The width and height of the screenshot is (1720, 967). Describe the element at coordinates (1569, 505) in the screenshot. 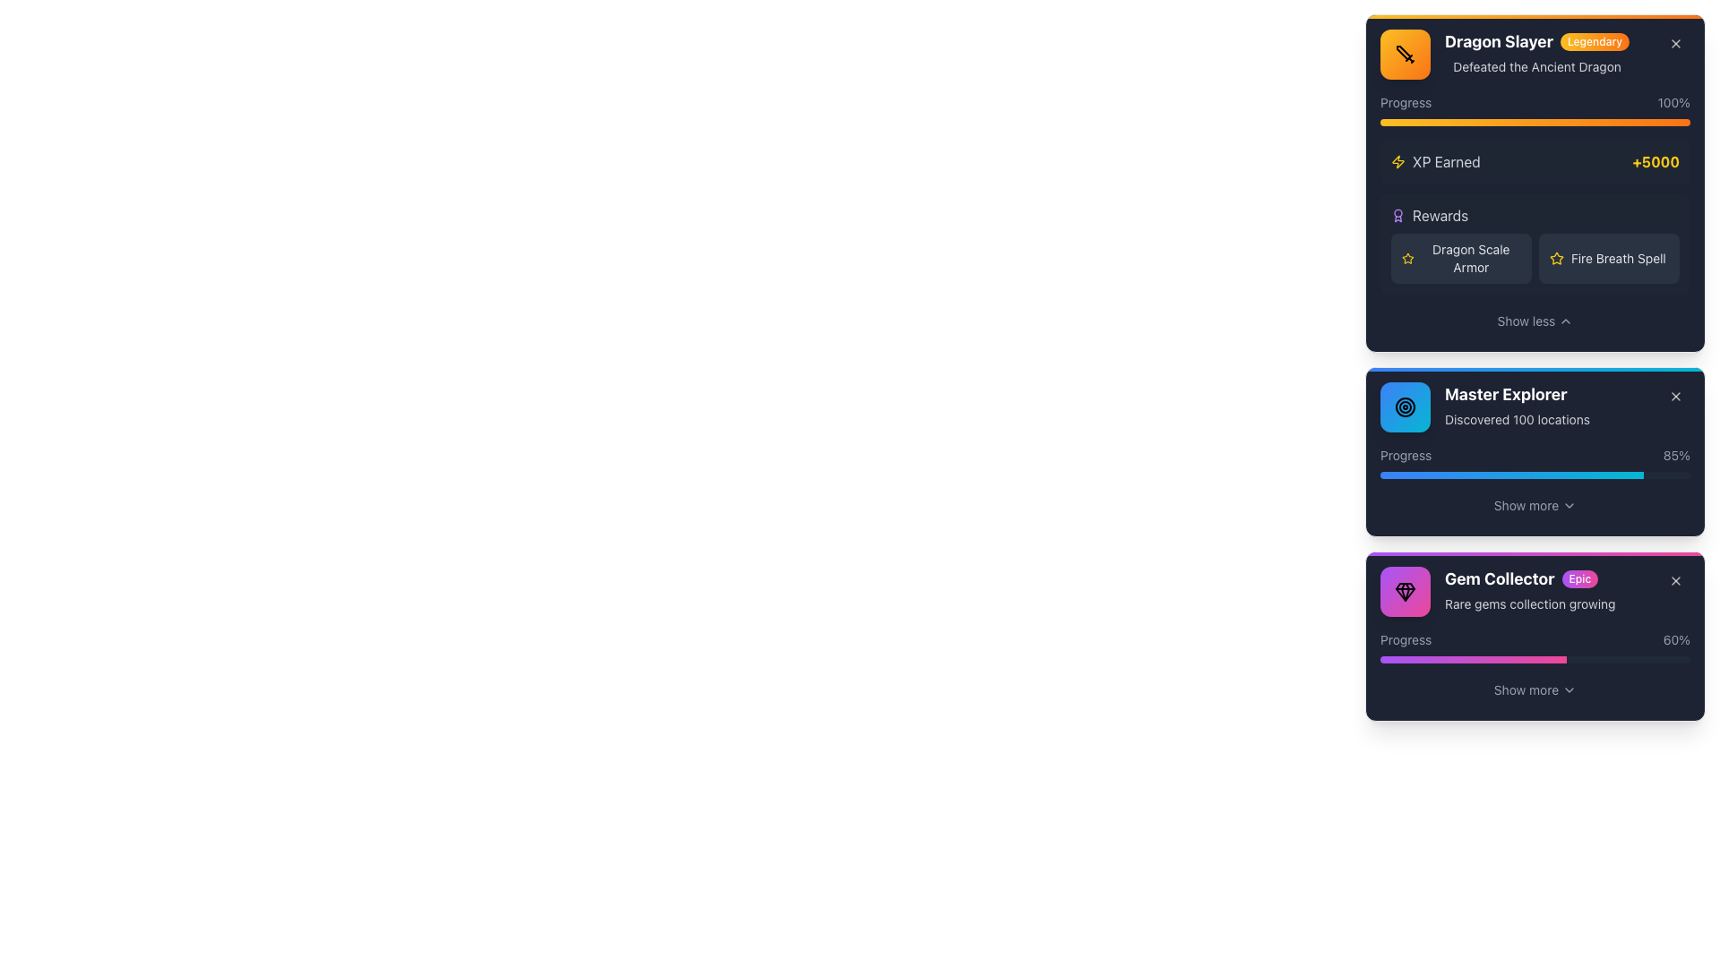

I see `the expand icon located to the right of the 'Show more' text in the bottom-center section of the 'Master Explorer' card` at that location.